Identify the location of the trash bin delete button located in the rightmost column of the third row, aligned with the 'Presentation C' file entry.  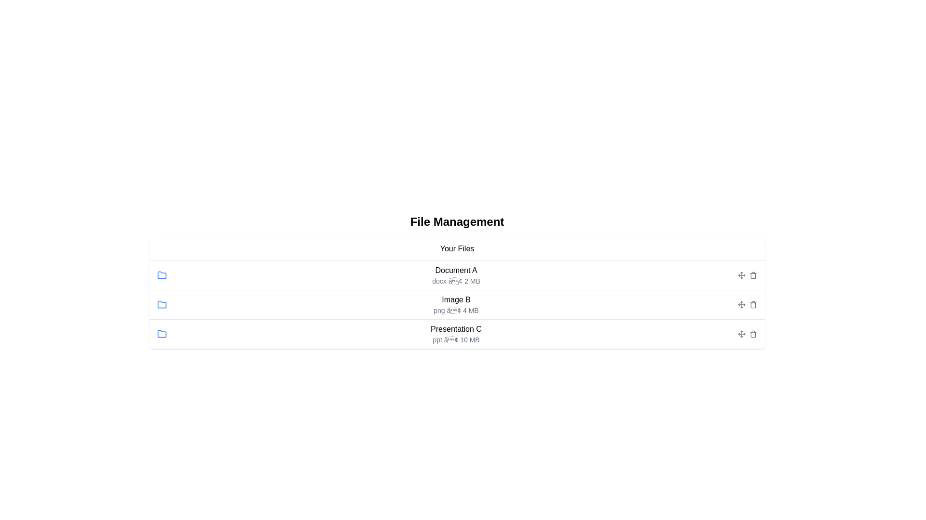
(752, 334).